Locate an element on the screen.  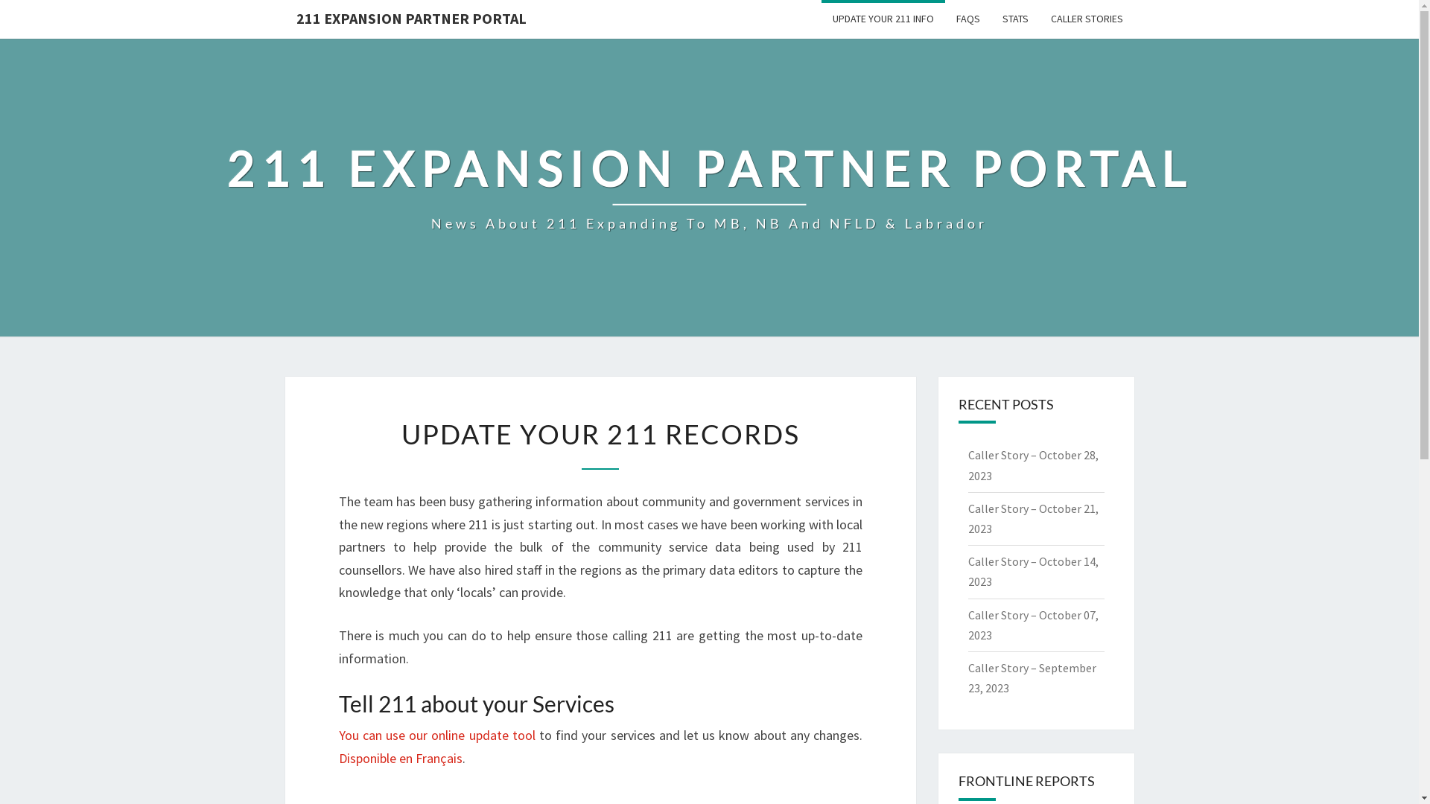
'STATS' is located at coordinates (1014, 19).